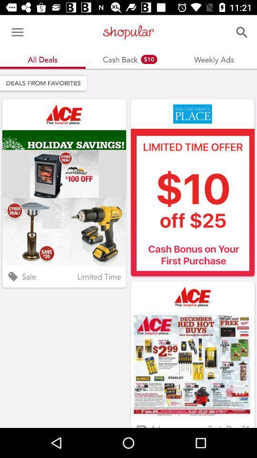 The height and width of the screenshot is (458, 257). What do you see at coordinates (17, 32) in the screenshot?
I see `icon above all deals` at bounding box center [17, 32].